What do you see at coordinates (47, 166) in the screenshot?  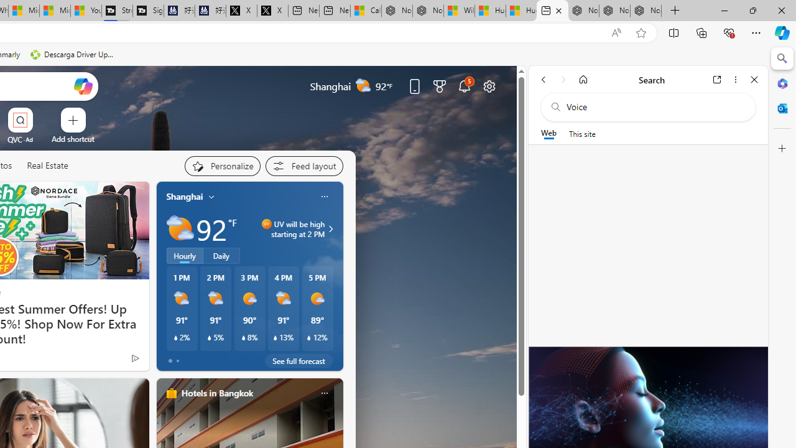 I see `'Real Estate'` at bounding box center [47, 166].